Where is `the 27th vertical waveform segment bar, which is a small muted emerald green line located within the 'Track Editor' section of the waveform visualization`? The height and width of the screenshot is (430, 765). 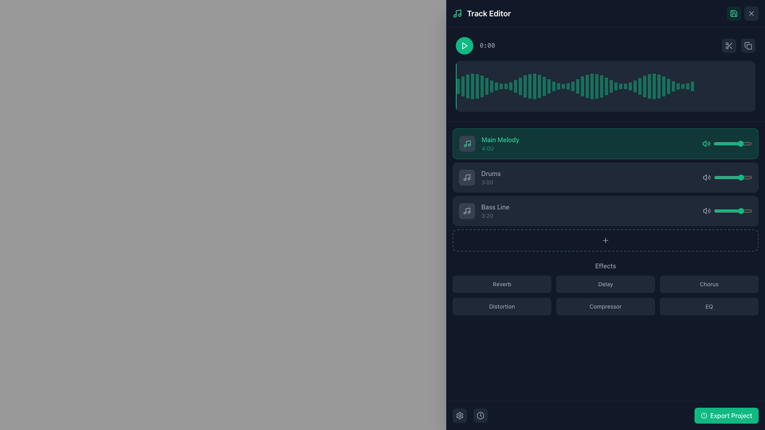 the 27th vertical waveform segment bar, which is a small muted emerald green line located within the 'Track Editor' section of the waveform visualization is located at coordinates (573, 86).